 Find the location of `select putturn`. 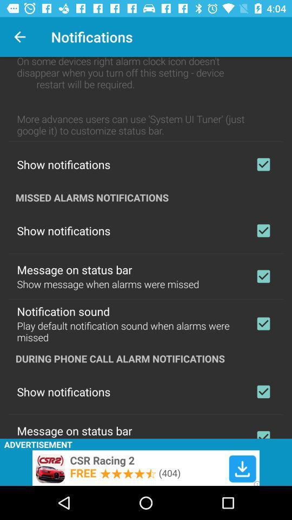

select putturn is located at coordinates (263, 276).